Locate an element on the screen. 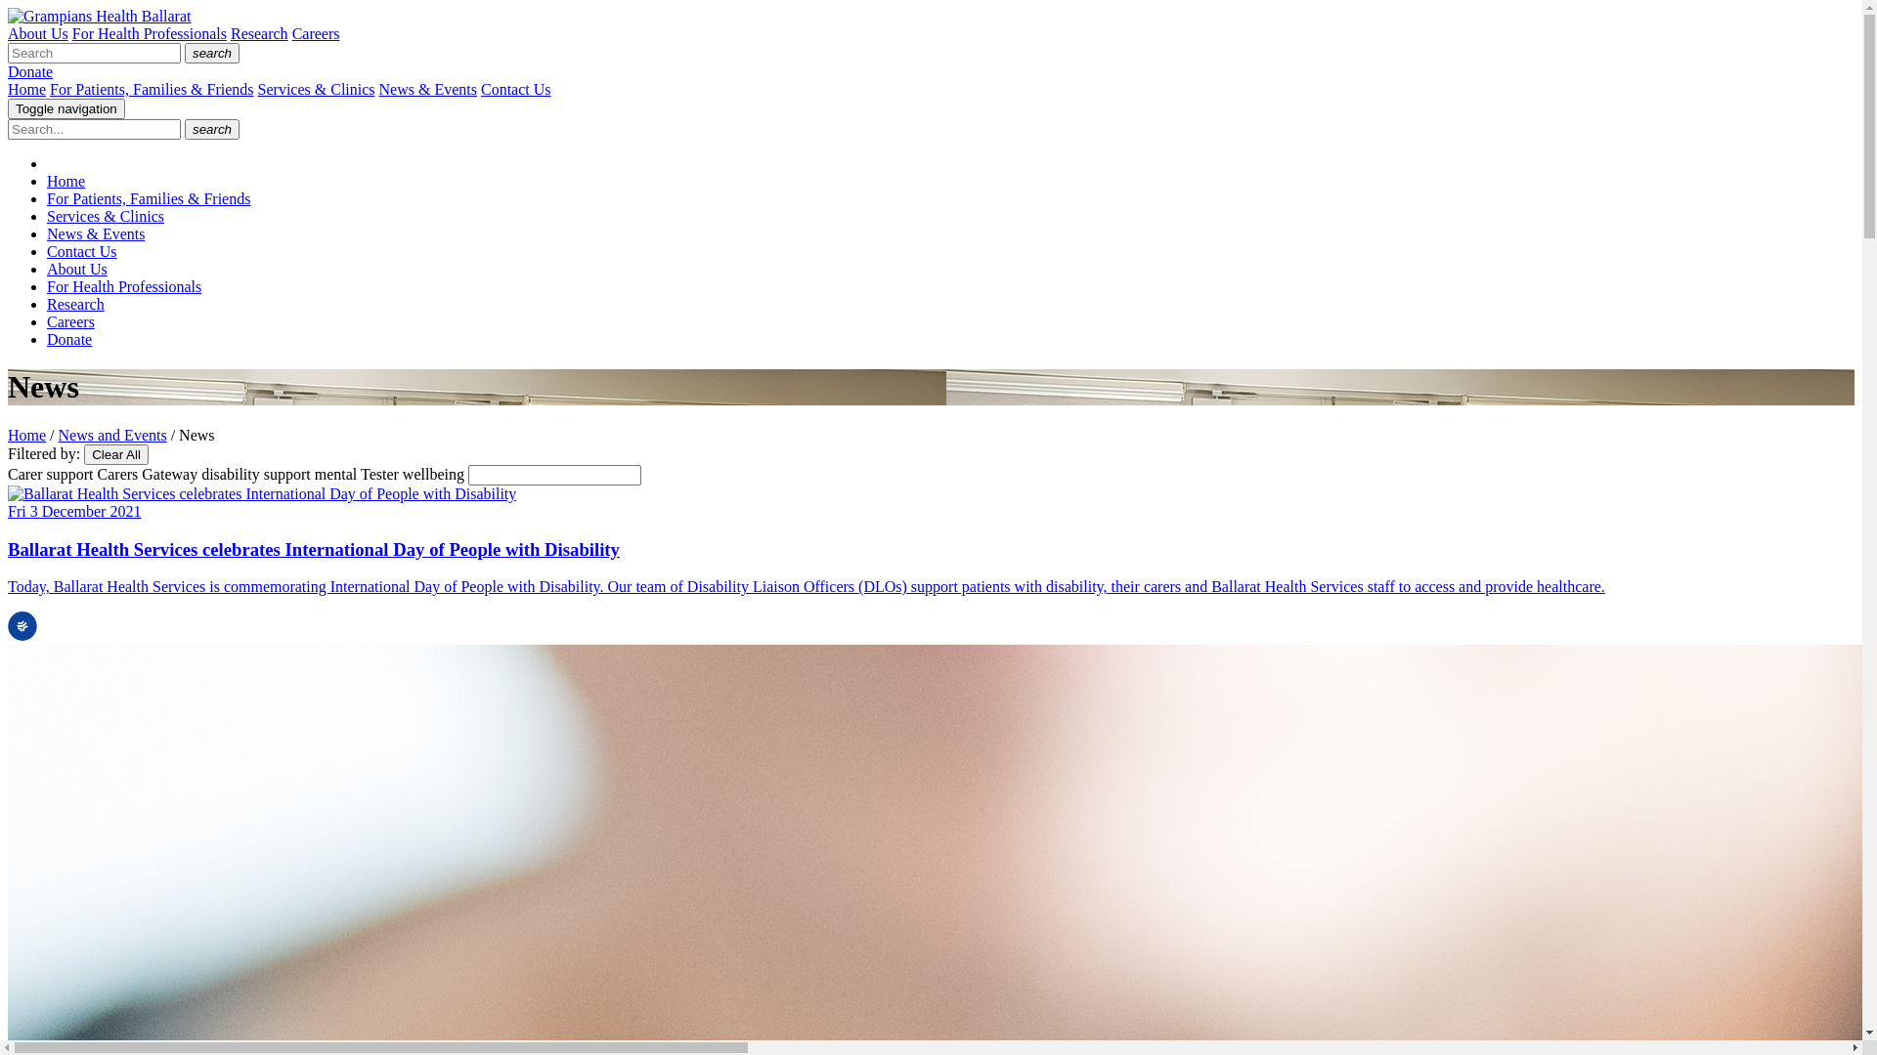 The height and width of the screenshot is (1055, 1877). 'Donate' is located at coordinates (69, 338).